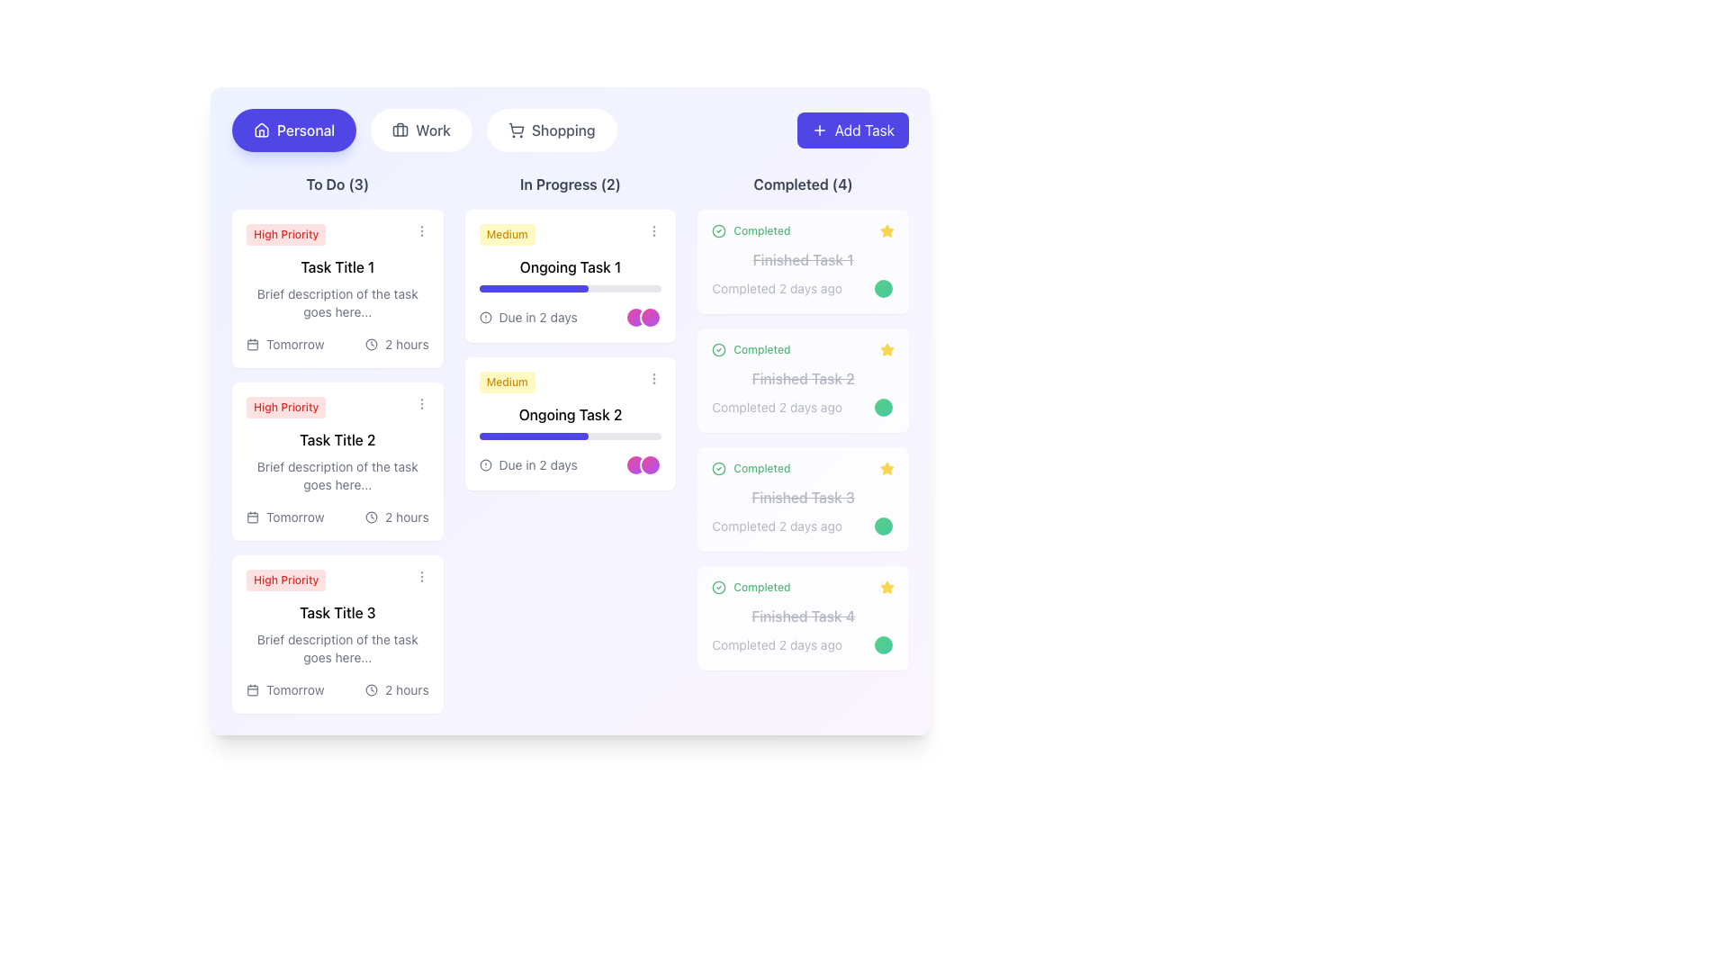 The image size is (1728, 972). What do you see at coordinates (569, 267) in the screenshot?
I see `the Text label that serves as the title for the task card located in the 'In Progress' column, positioned above the 'Ongoing Task 2' card` at bounding box center [569, 267].